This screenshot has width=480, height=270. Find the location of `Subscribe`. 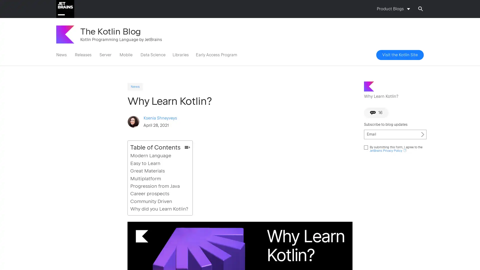

Subscribe is located at coordinates (422, 134).